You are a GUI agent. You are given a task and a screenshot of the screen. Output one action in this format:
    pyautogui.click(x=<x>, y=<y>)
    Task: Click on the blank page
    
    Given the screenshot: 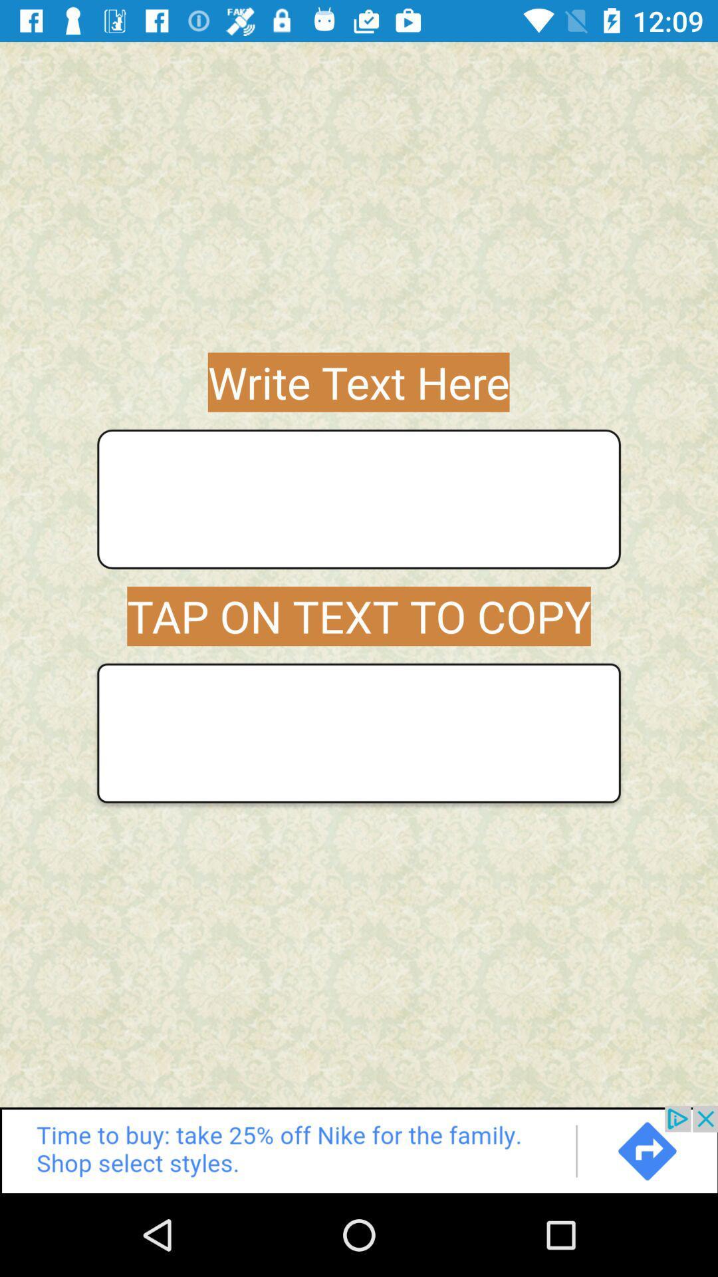 What is the action you would take?
    pyautogui.click(x=359, y=732)
    